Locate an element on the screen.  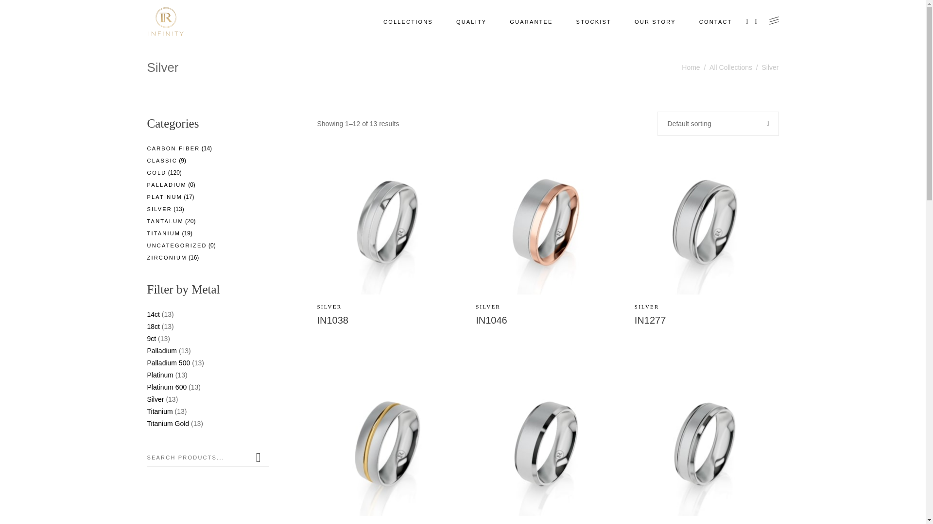
'Platinum 600' is located at coordinates (166, 387).